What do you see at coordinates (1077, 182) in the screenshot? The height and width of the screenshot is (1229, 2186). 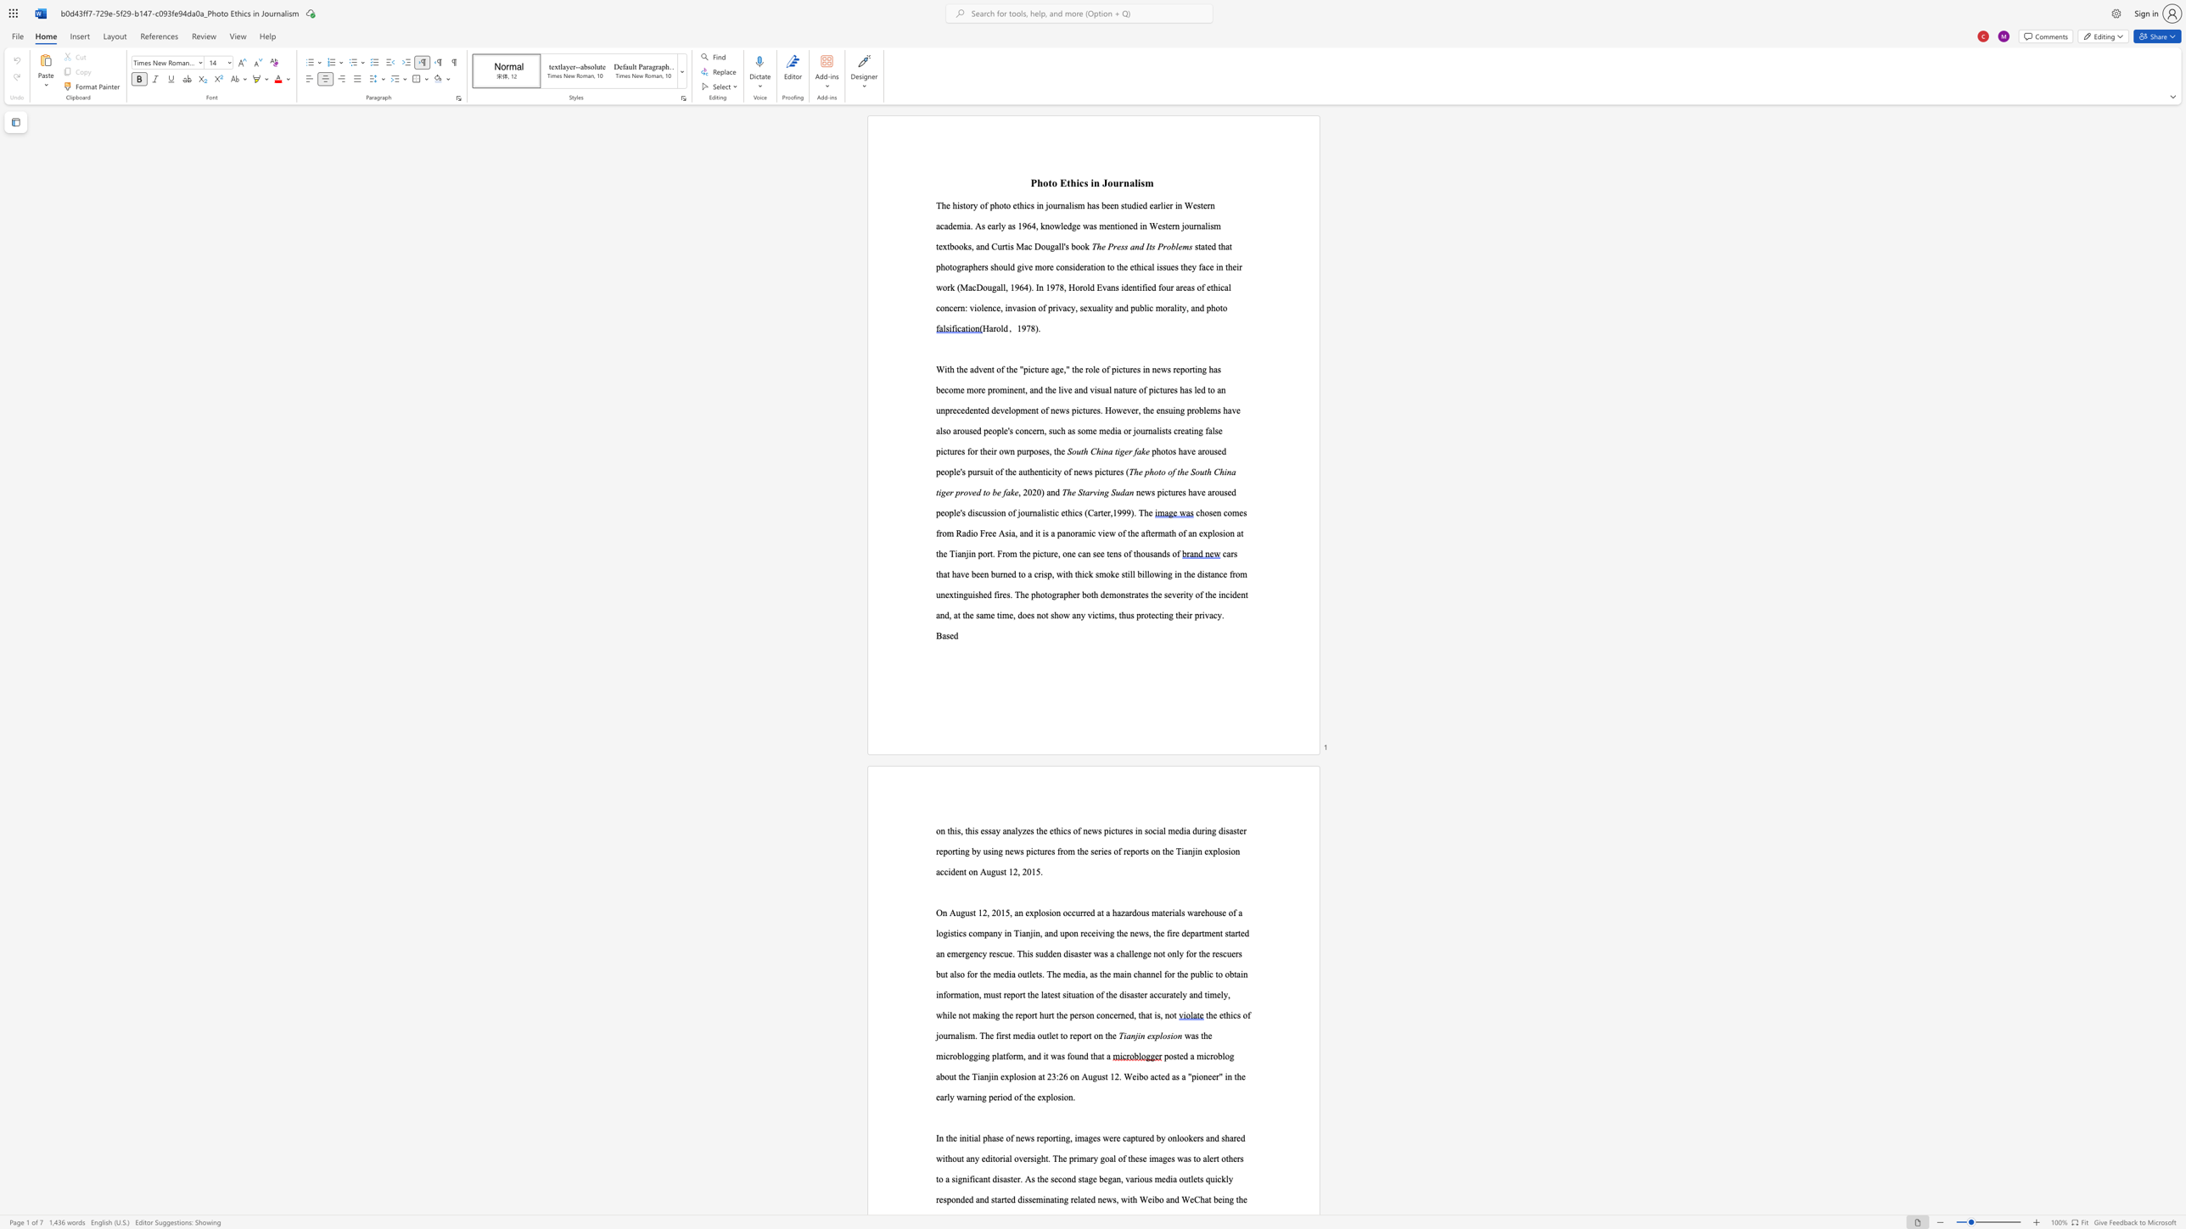 I see `the 1th character "i" in the text` at bounding box center [1077, 182].